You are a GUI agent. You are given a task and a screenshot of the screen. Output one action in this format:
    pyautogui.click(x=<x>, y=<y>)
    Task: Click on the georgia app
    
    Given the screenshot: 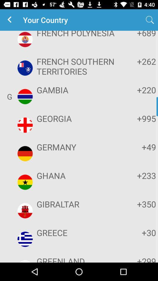 What is the action you would take?
    pyautogui.click(x=78, y=118)
    